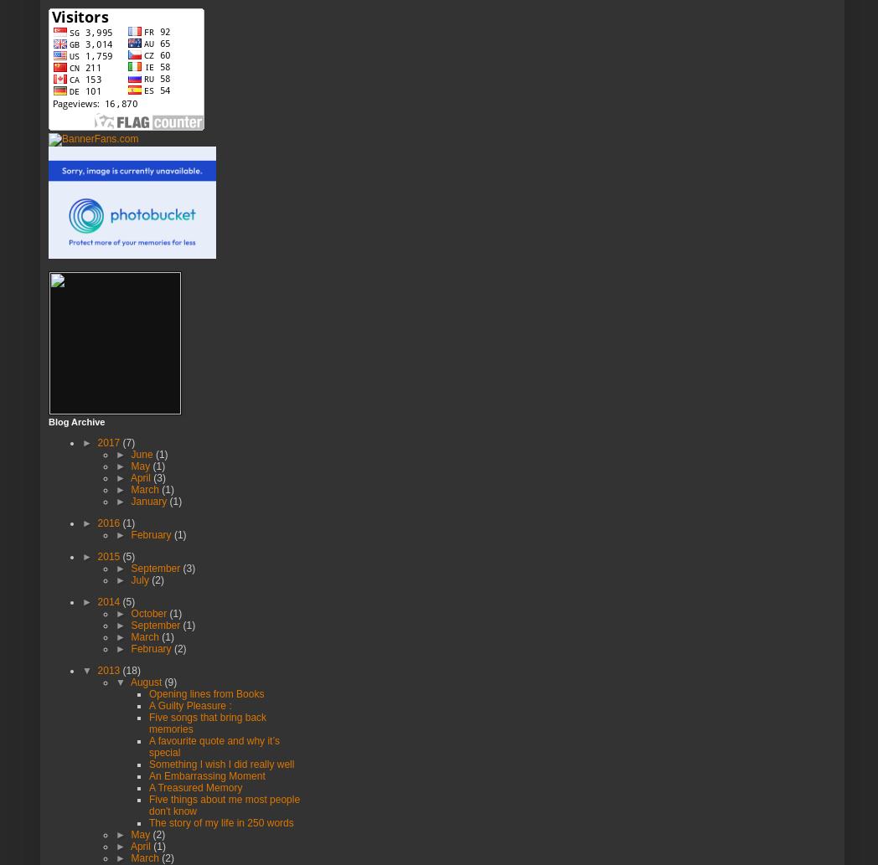  I want to click on '2014', so click(109, 601).